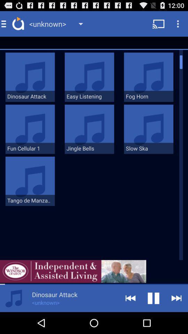 The width and height of the screenshot is (188, 334). I want to click on click advertisement, so click(73, 271).